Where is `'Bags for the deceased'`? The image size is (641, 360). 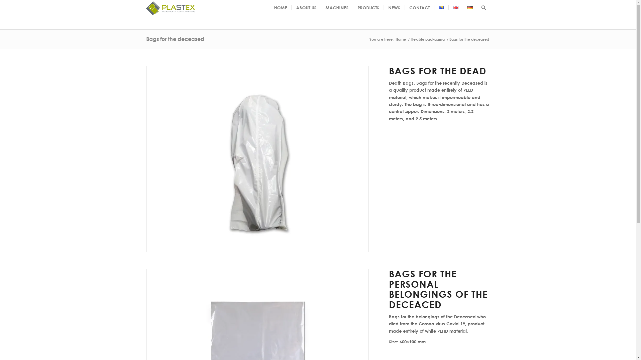 'Bags for the deceased' is located at coordinates (175, 39).